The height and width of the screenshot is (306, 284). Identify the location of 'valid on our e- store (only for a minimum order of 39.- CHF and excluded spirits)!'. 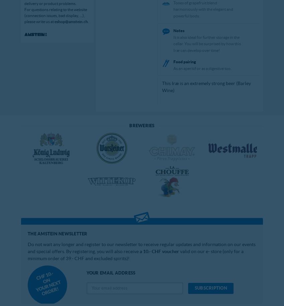
(27, 254).